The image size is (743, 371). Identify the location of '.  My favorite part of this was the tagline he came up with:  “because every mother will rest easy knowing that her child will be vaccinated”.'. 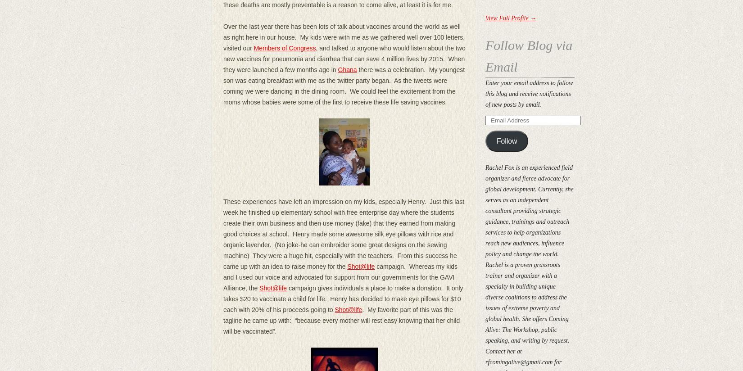
(341, 320).